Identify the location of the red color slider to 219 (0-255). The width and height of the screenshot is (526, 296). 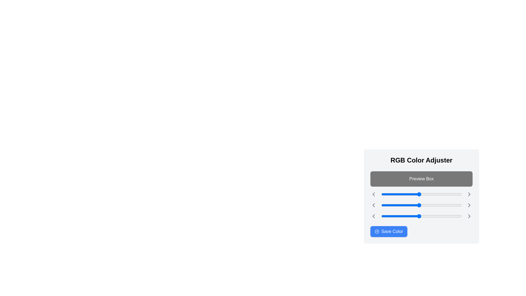
(450, 194).